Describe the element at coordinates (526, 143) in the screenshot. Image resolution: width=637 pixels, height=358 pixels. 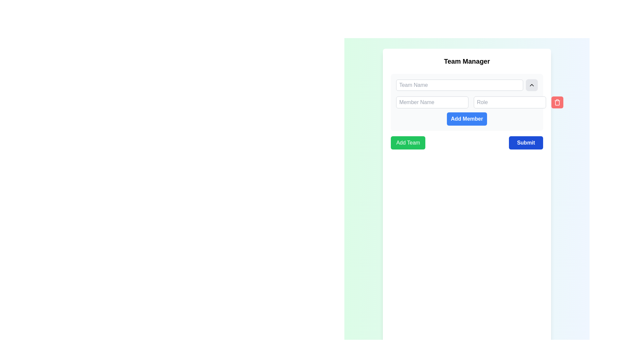
I see `the submission button located in the bottom-right corner of the 'Team Manager' card to finalize the operation or submit the data` at that location.